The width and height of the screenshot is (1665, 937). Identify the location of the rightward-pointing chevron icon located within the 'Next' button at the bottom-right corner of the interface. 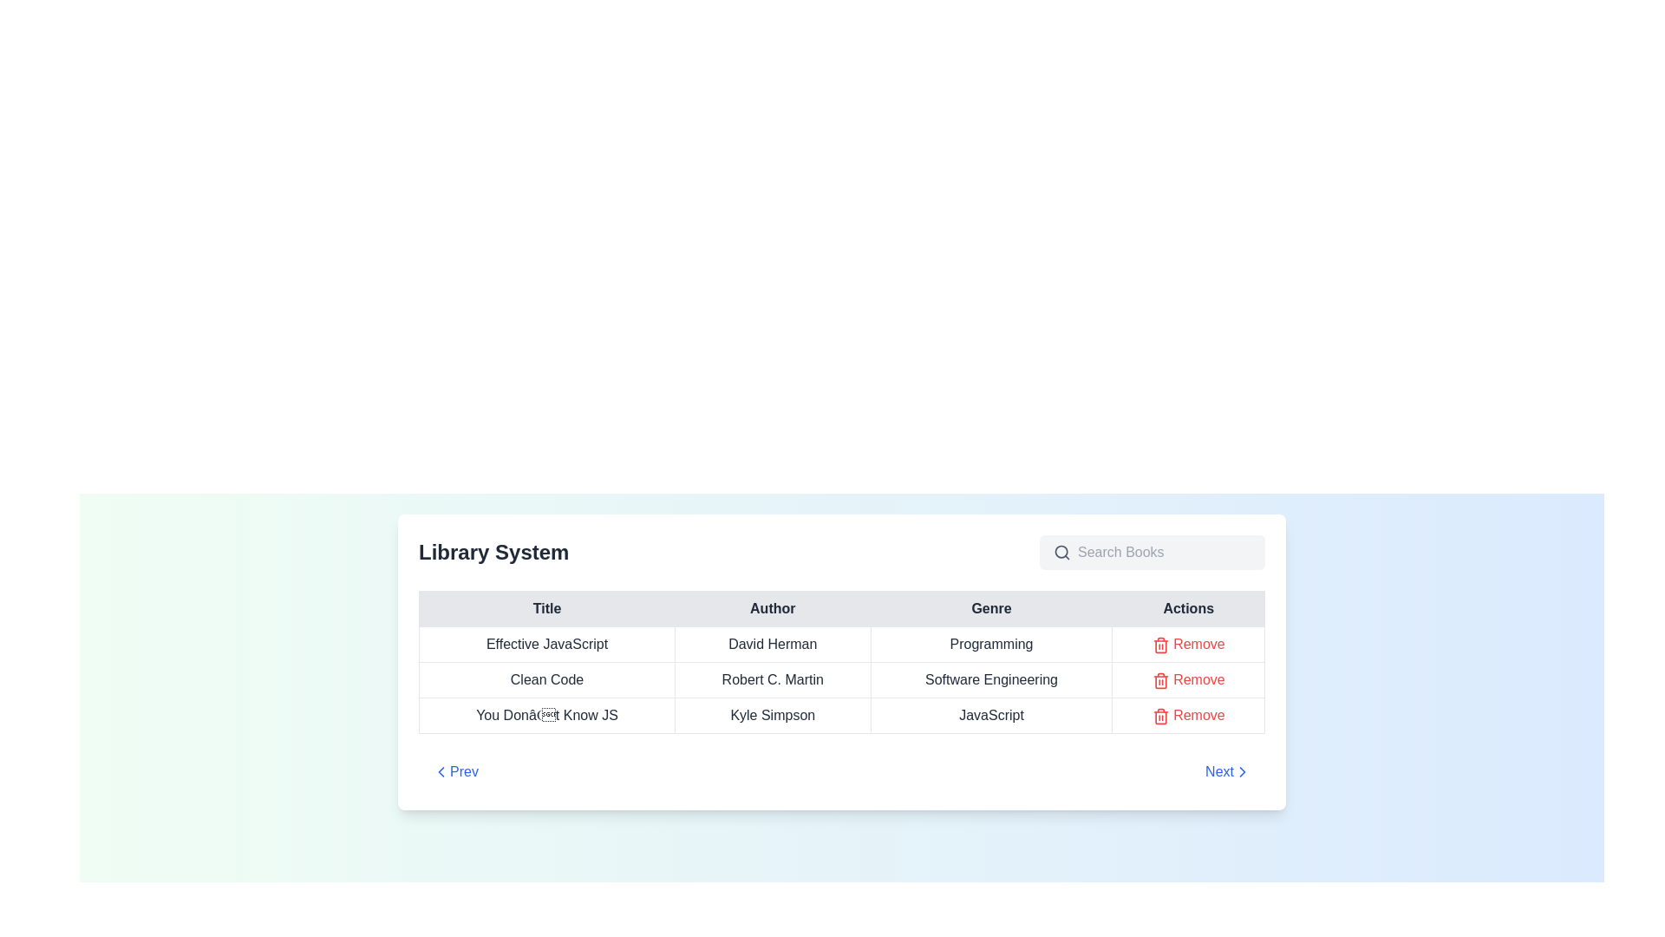
(1242, 771).